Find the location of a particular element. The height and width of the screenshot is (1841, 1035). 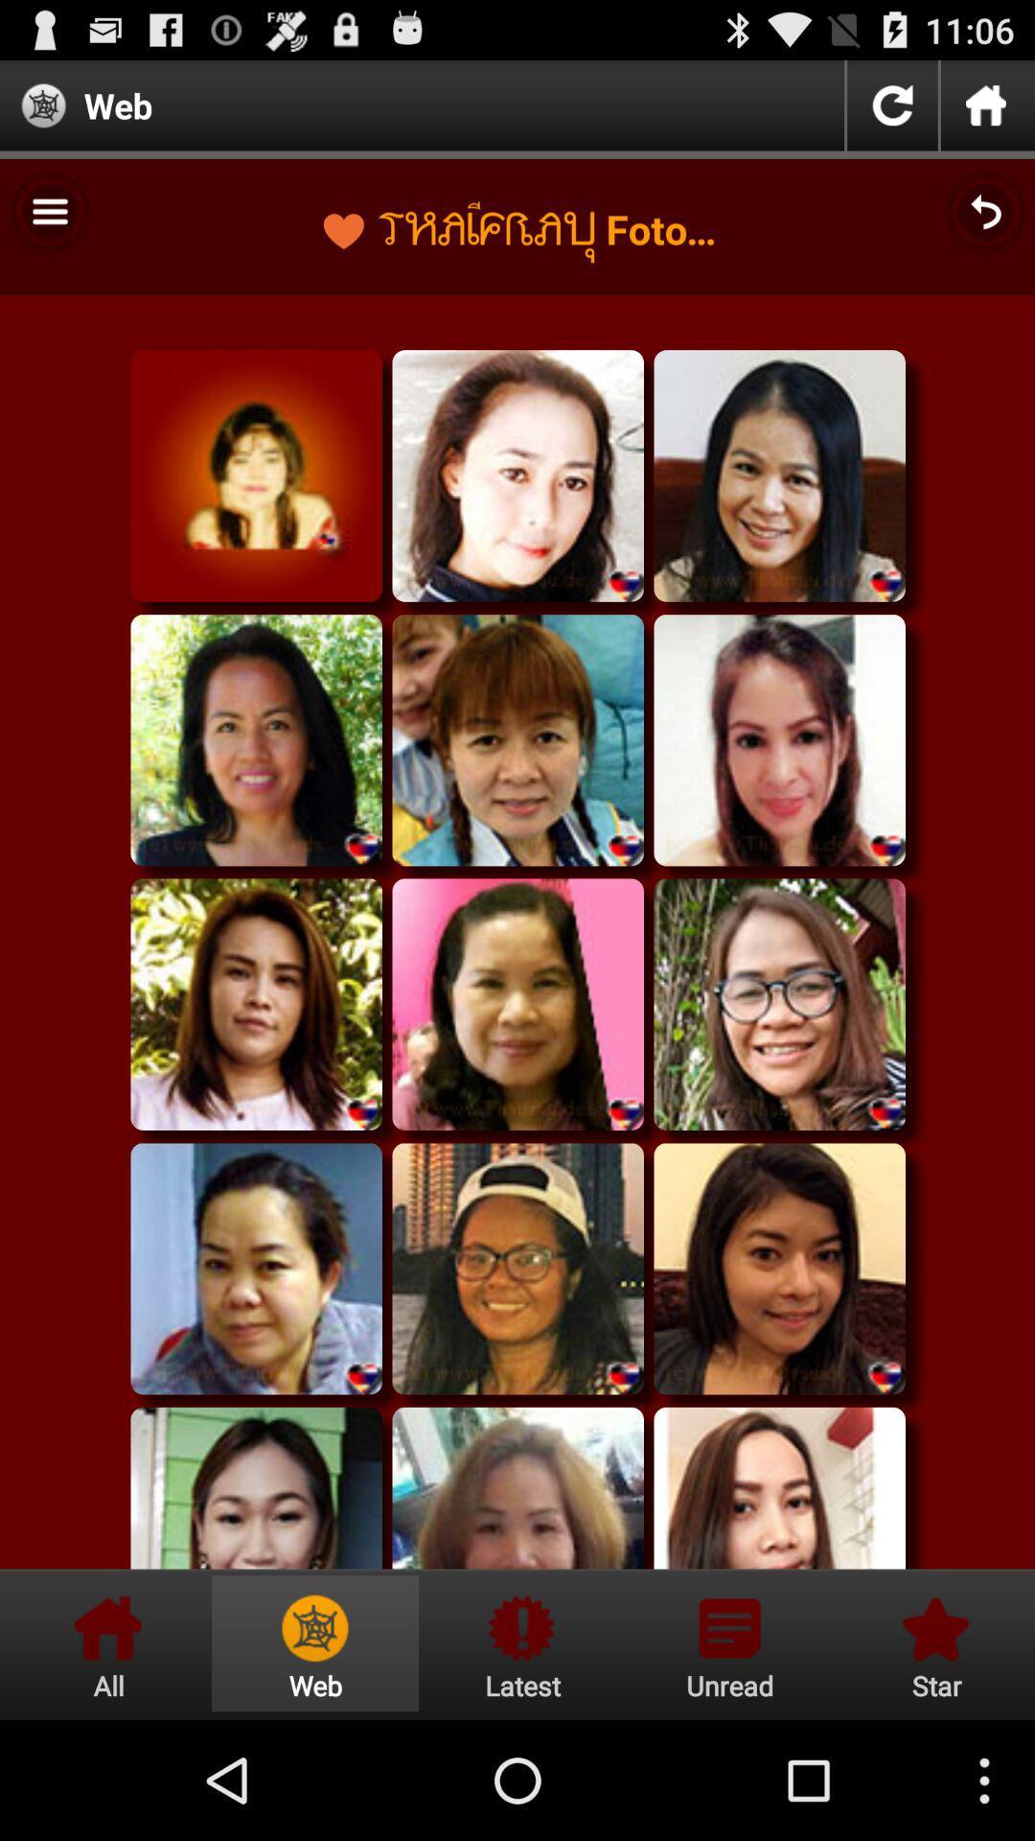

unread is located at coordinates (729, 1643).